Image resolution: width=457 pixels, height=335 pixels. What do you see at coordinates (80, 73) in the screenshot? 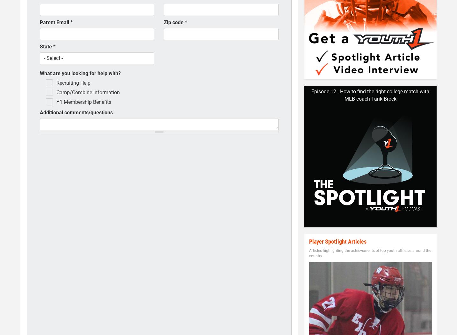
I see `'What are you looking for help with?'` at bounding box center [80, 73].